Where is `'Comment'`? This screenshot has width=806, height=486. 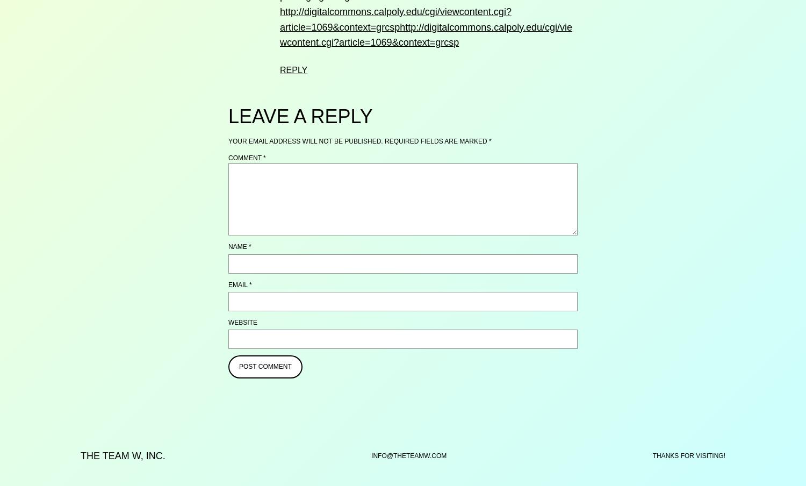 'Comment' is located at coordinates (245, 158).